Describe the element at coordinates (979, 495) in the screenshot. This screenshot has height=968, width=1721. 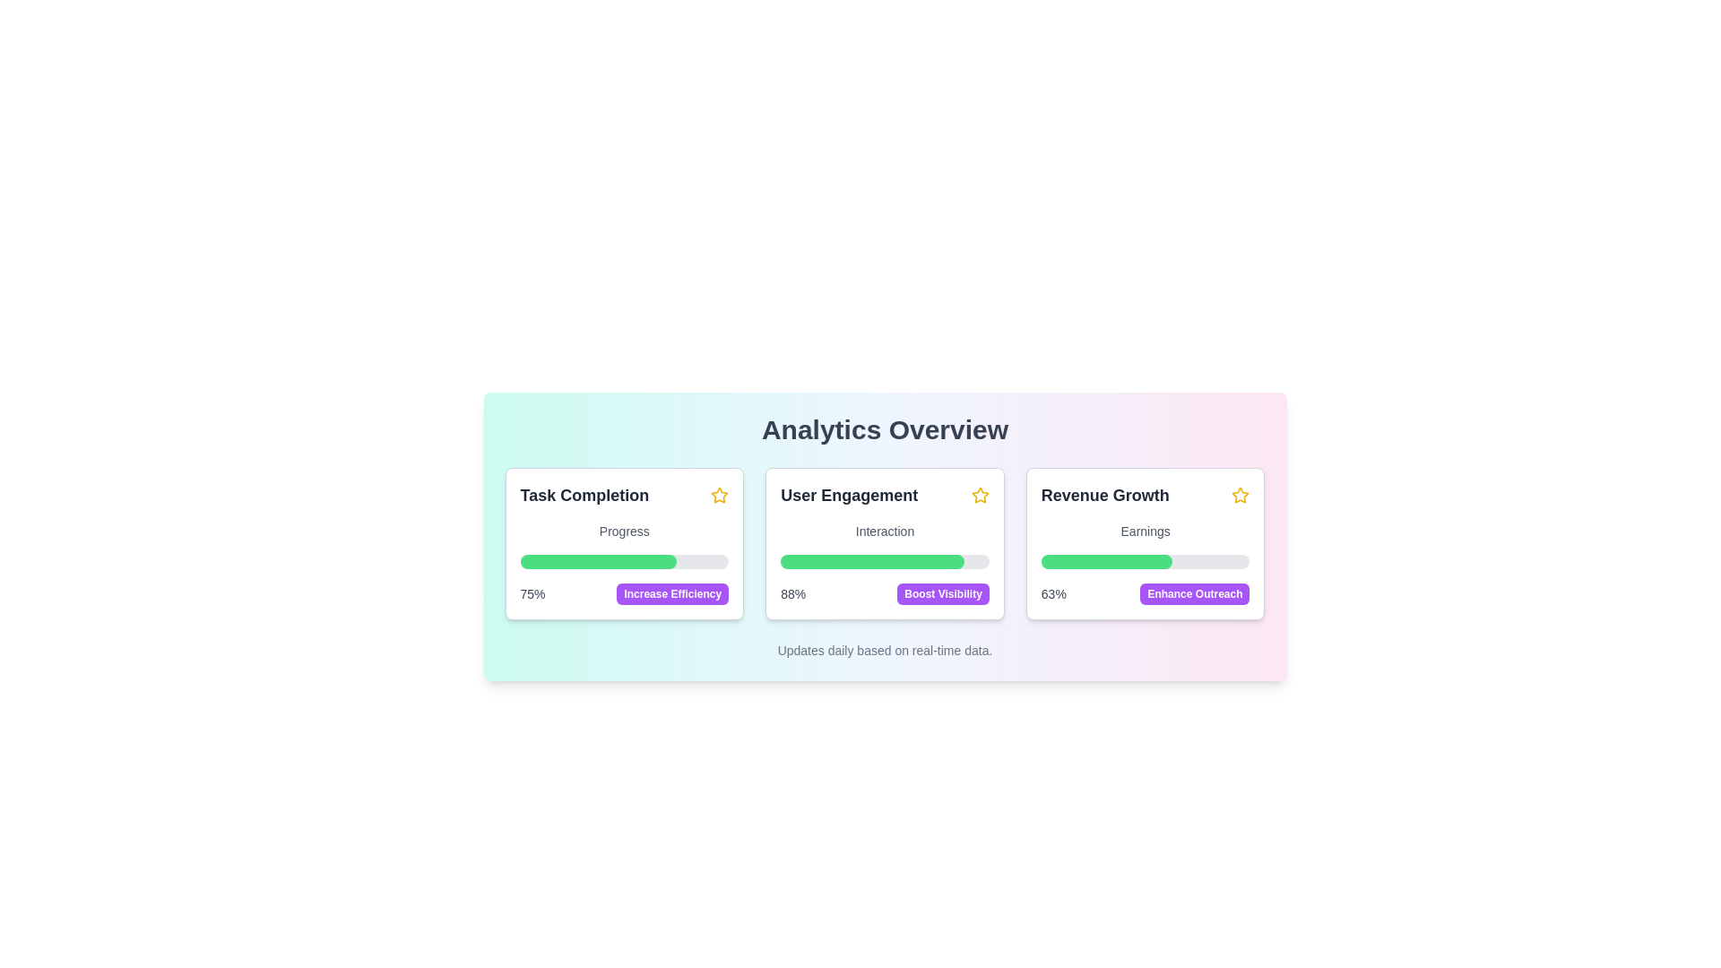
I see `the star icon located in the top-right corner of the 'User Engagement' card, which serves as a visual indicator for rating or highlighting important aspects` at that location.